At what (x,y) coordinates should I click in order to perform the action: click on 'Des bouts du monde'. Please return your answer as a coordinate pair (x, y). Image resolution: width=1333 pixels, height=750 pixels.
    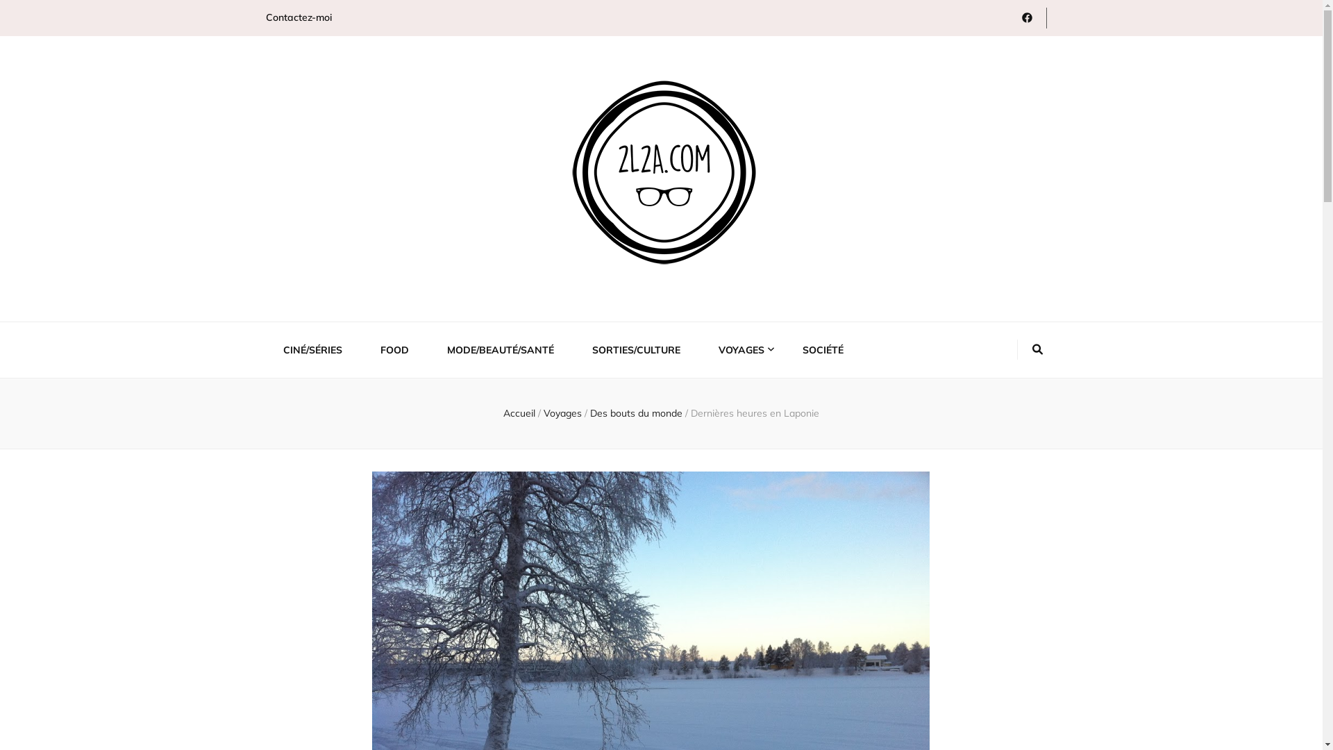
    Looking at the image, I should click on (637, 412).